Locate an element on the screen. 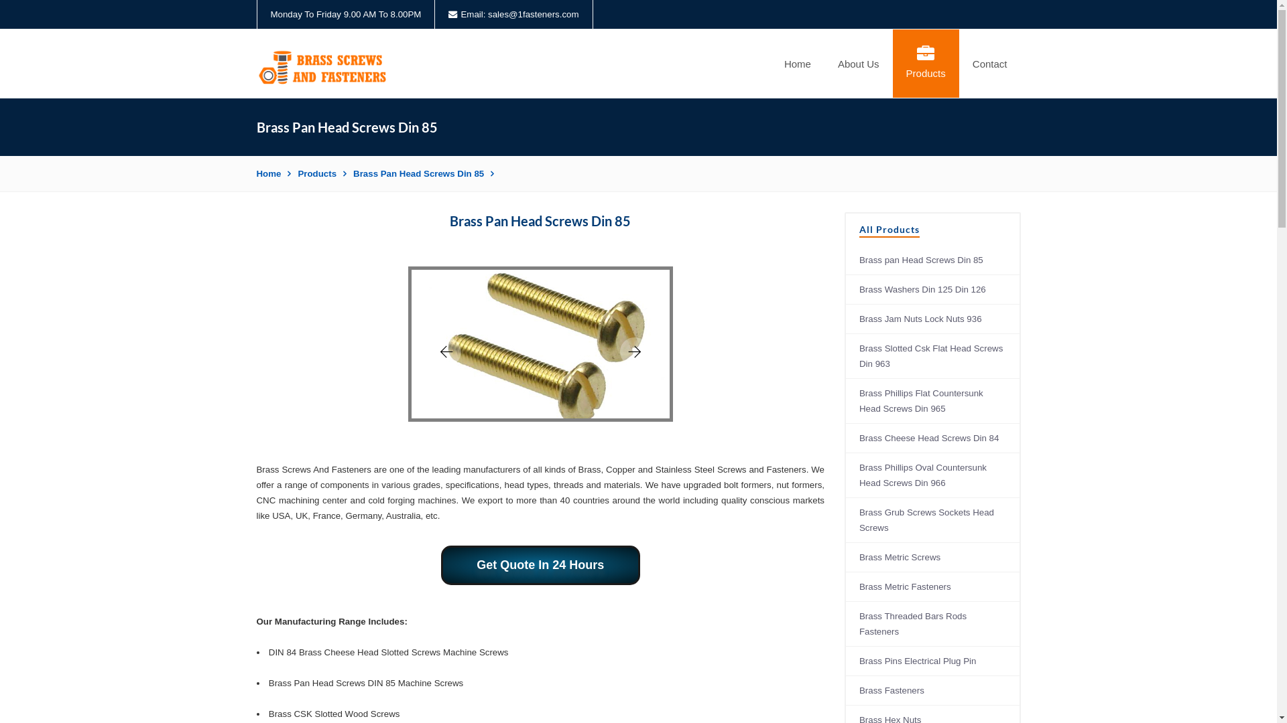 The width and height of the screenshot is (1287, 723). 'Brass Jam Nuts Lock Nuts 936' is located at coordinates (845, 319).